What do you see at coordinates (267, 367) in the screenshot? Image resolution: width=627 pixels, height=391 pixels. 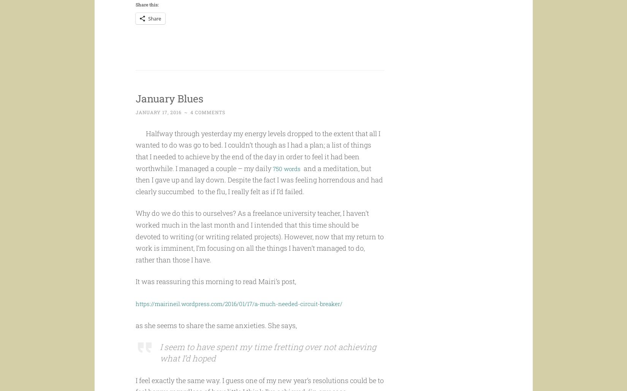 I see `'I seem to have spent my time fretting over not achieving what I’d hoped'` at bounding box center [267, 367].